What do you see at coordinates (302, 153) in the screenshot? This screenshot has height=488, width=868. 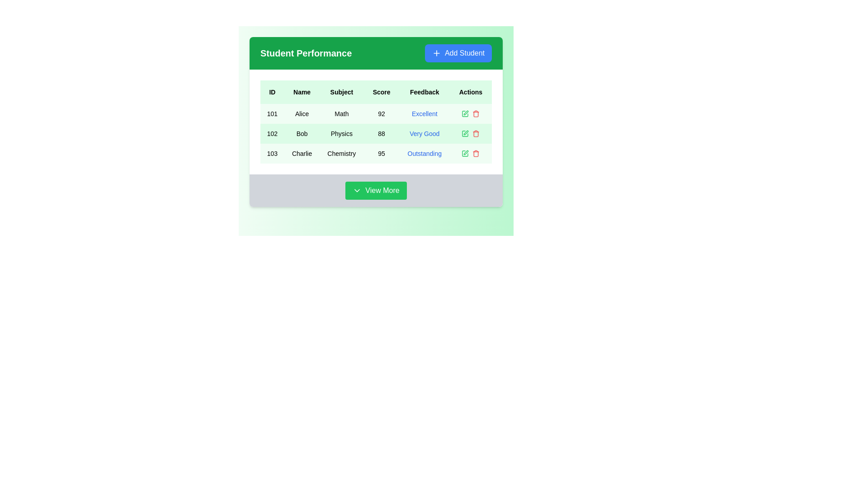 I see `the text 'Charlie' in the table cell located in the third row under the 'Name' column by dragging from the center point` at bounding box center [302, 153].